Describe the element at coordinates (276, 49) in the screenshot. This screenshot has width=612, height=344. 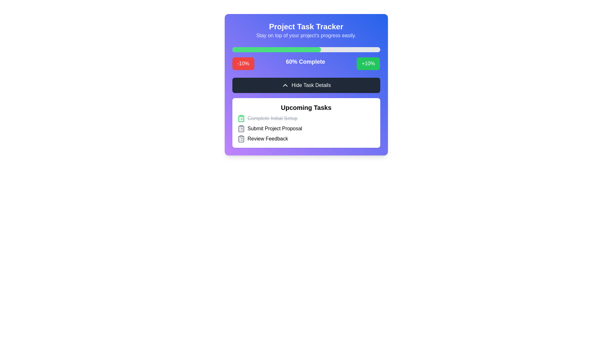
I see `the progress bar fill, which visually represents the completion percentage of a task, located beneath the 'Project Task Tracker' title and above the '60% Complete' label` at that location.